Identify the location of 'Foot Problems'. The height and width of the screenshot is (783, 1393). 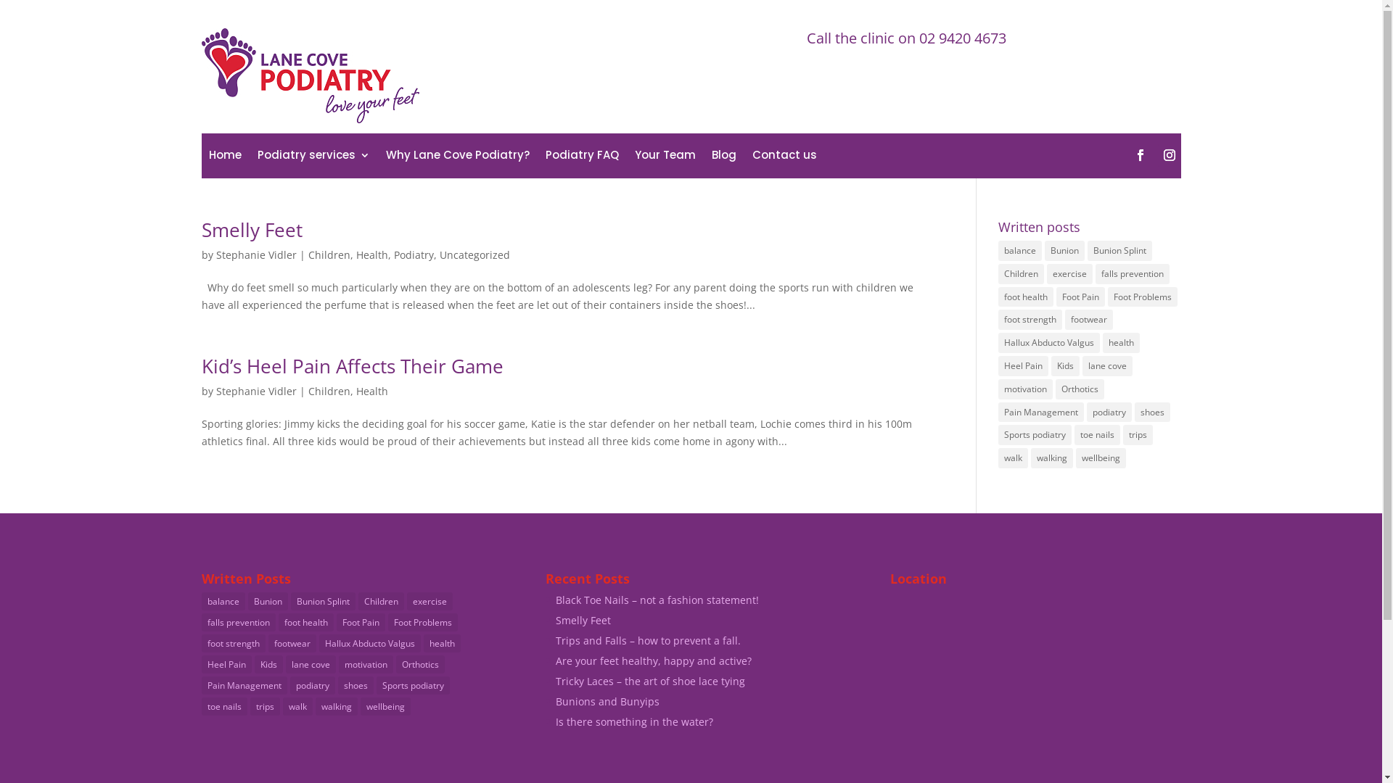
(1106, 296).